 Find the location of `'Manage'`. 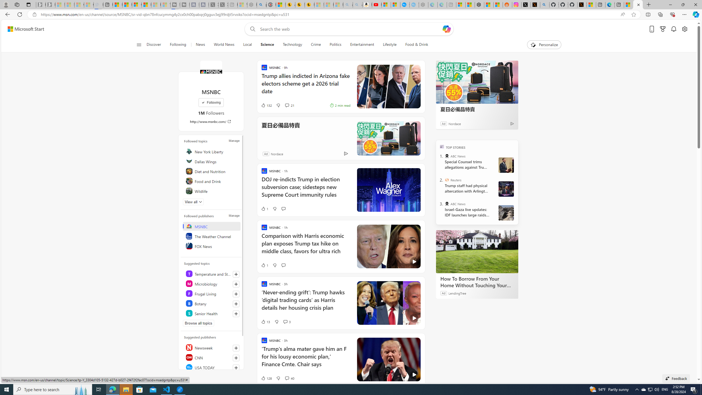

'Manage' is located at coordinates (234, 215).